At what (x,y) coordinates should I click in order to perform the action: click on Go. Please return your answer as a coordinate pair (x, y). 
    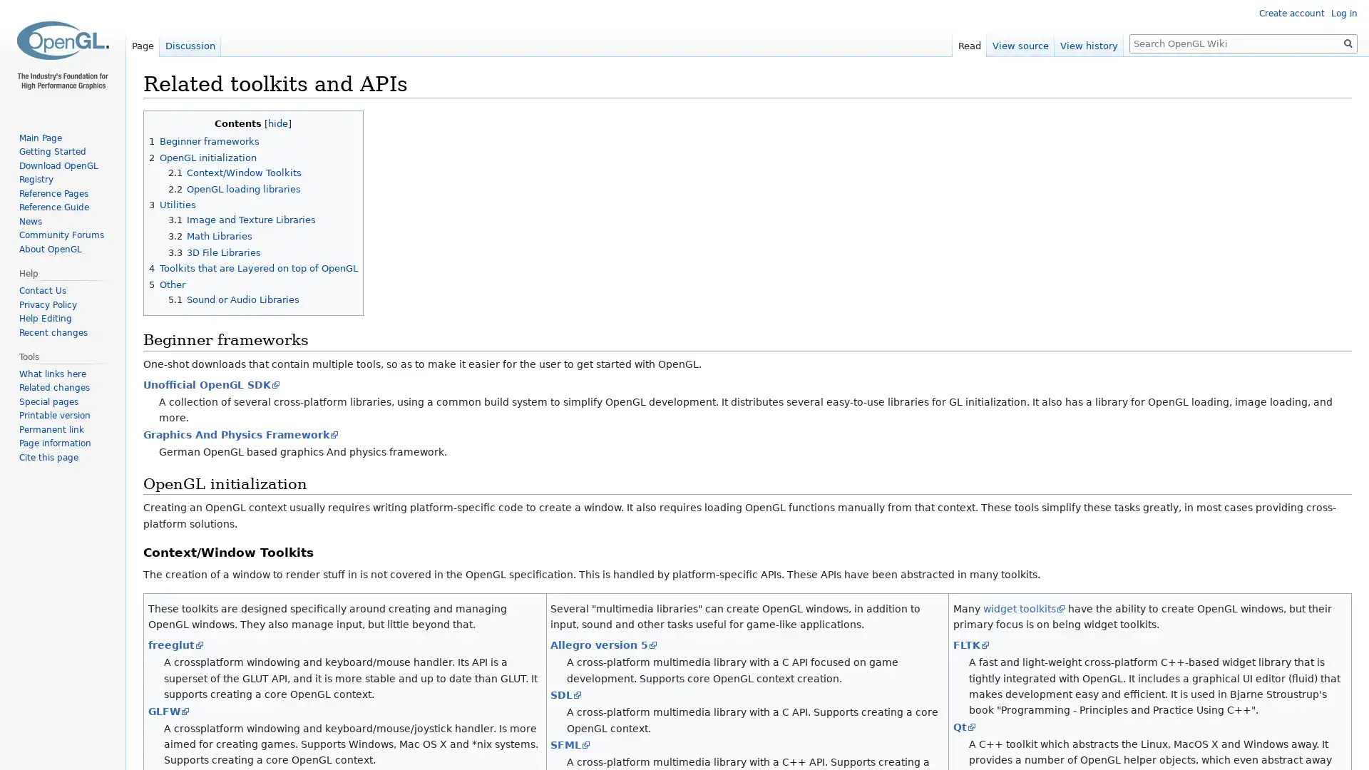
    Looking at the image, I should click on (1348, 43).